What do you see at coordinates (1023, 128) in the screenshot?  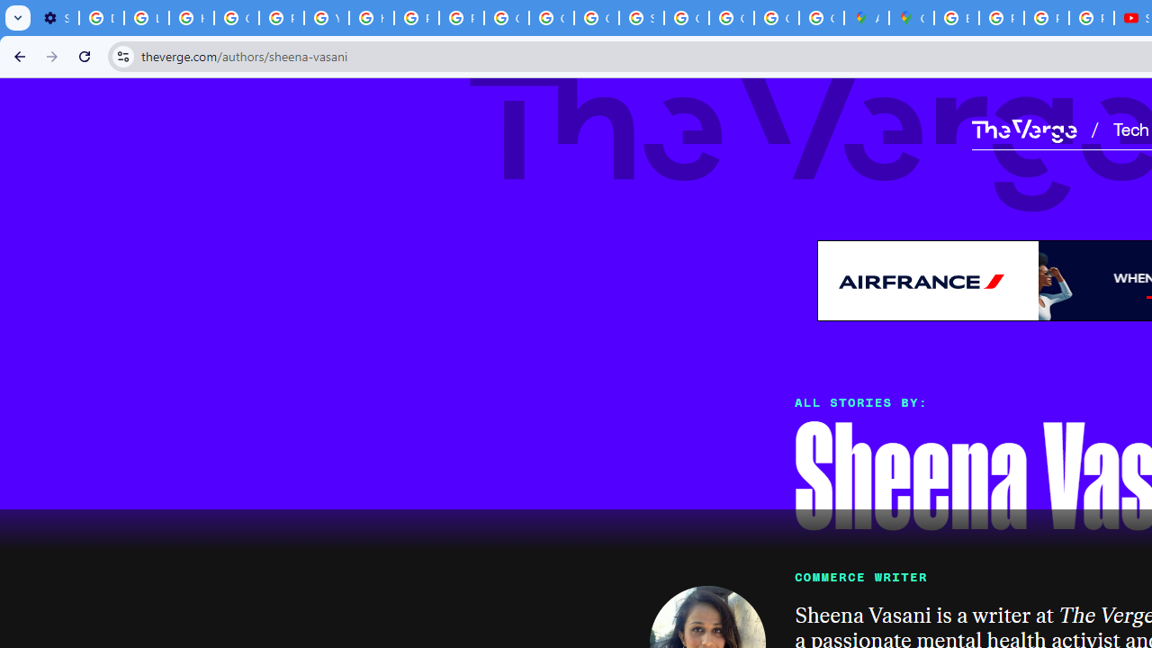 I see `'The Verge homepage The Verge'` at bounding box center [1023, 128].